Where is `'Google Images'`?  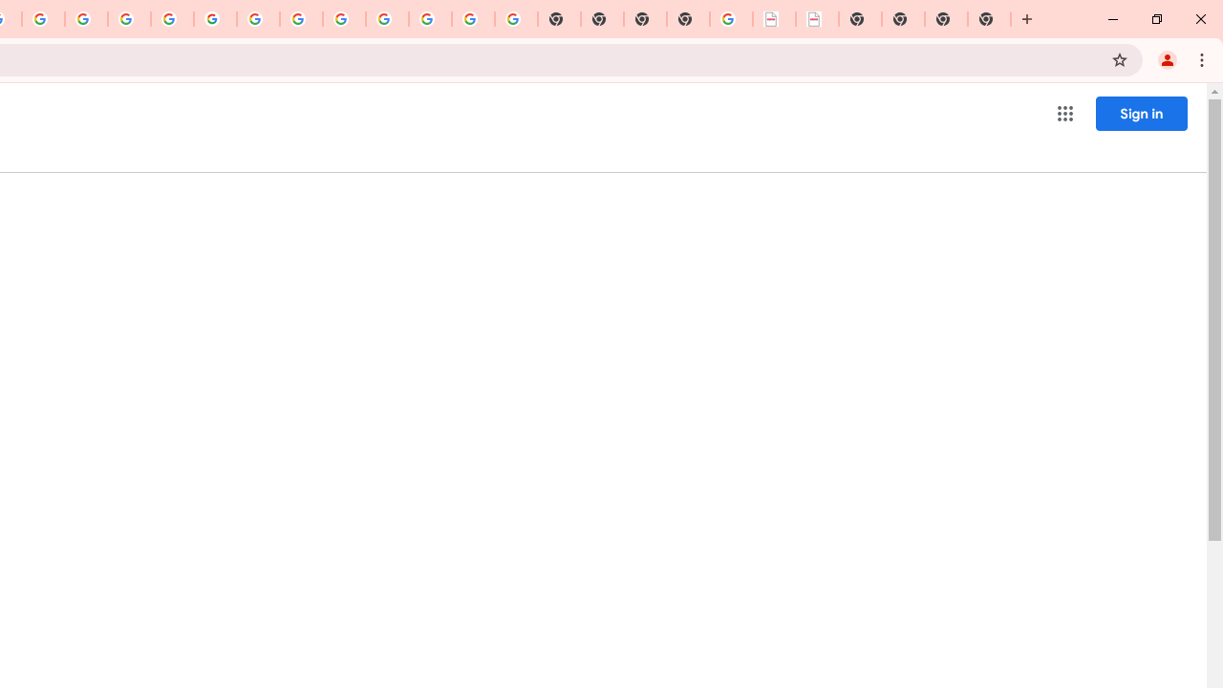 'Google Images' is located at coordinates (516, 19).